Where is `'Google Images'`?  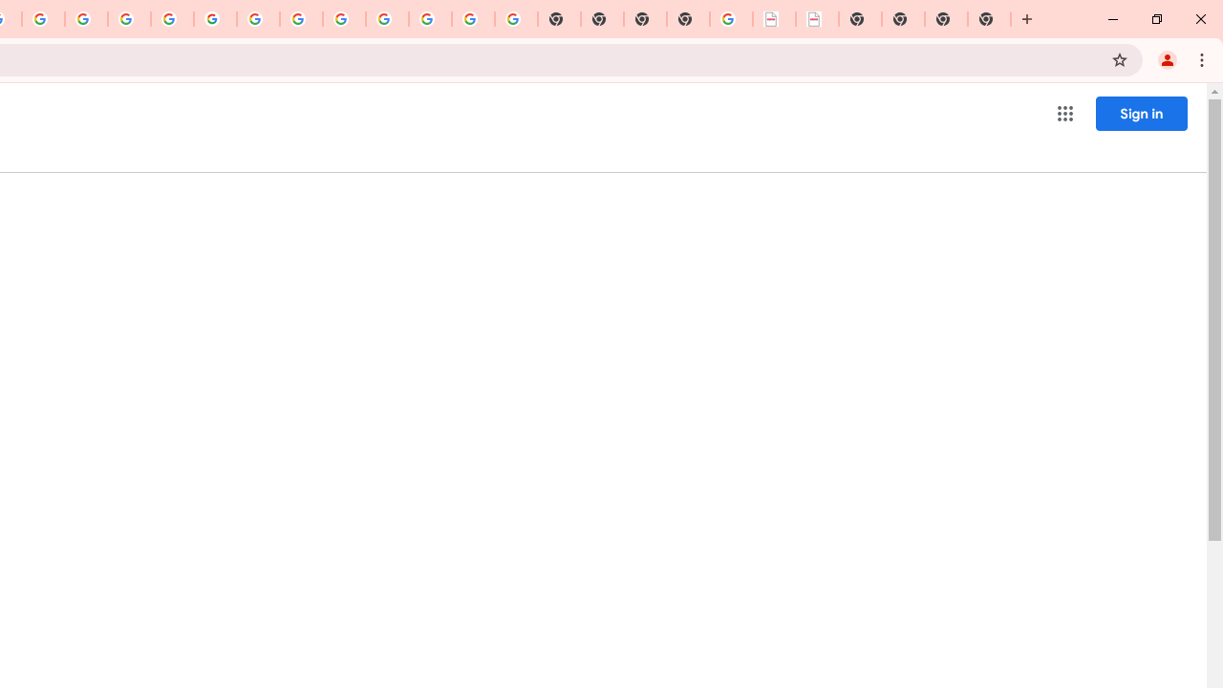 'Google Images' is located at coordinates (516, 19).